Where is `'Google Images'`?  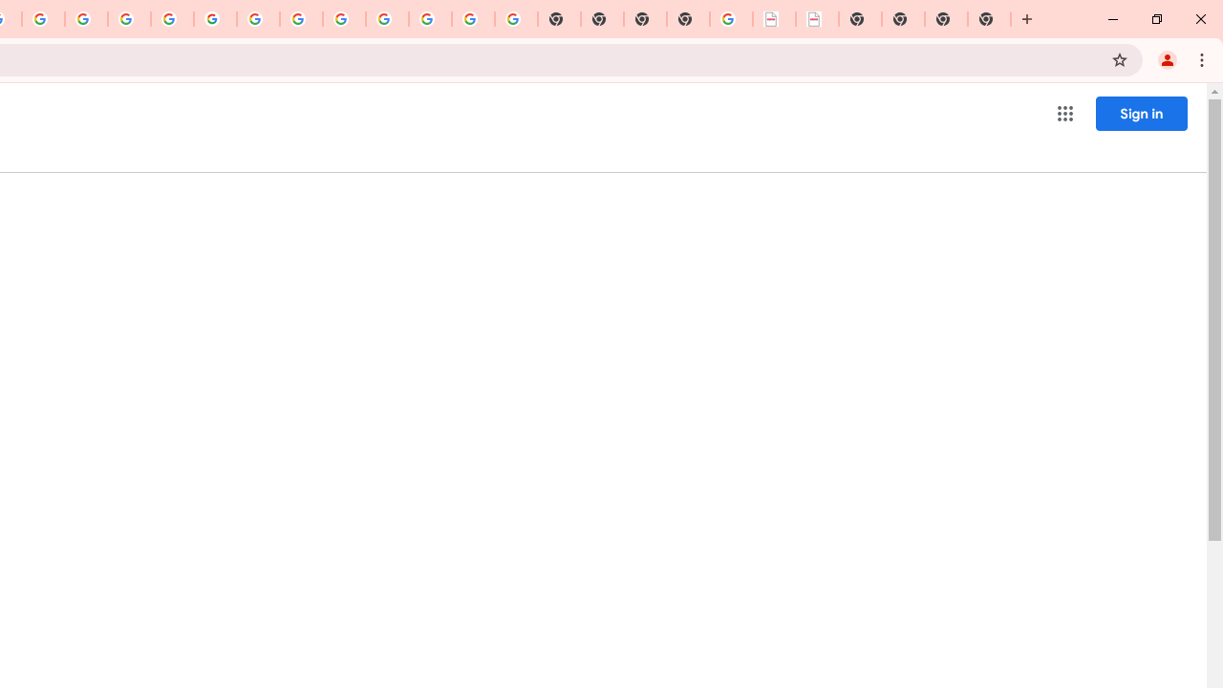 'Google Images' is located at coordinates (516, 19).